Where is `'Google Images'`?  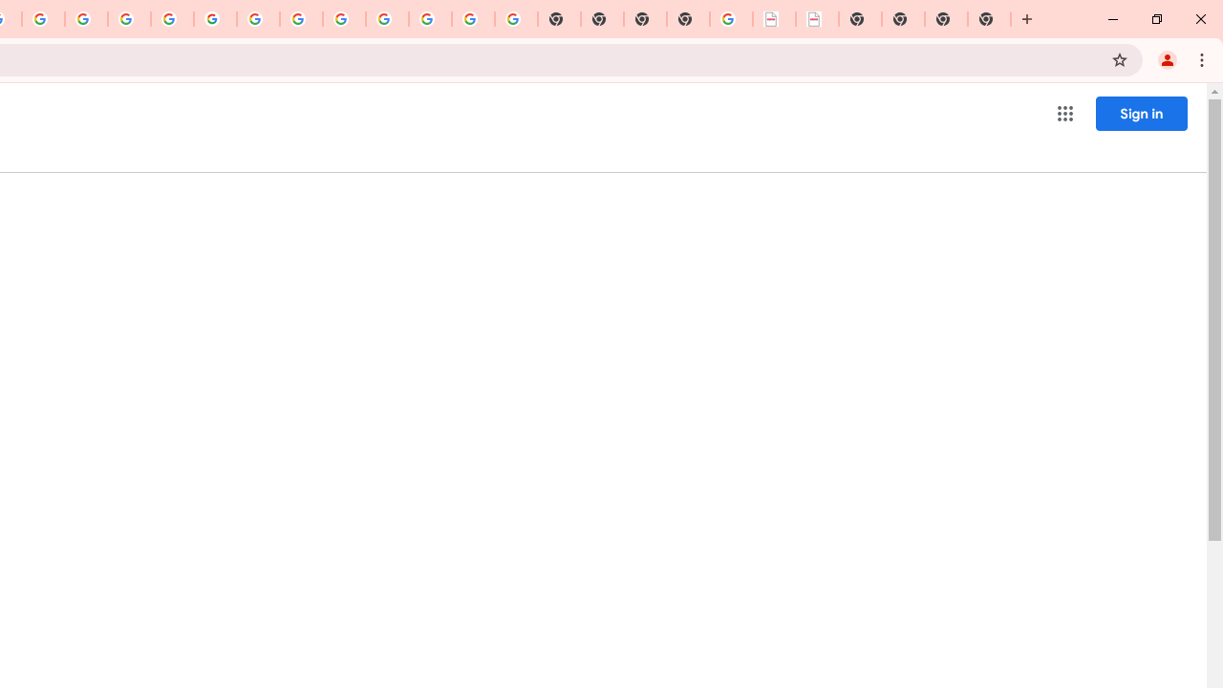 'Google Images' is located at coordinates (516, 19).